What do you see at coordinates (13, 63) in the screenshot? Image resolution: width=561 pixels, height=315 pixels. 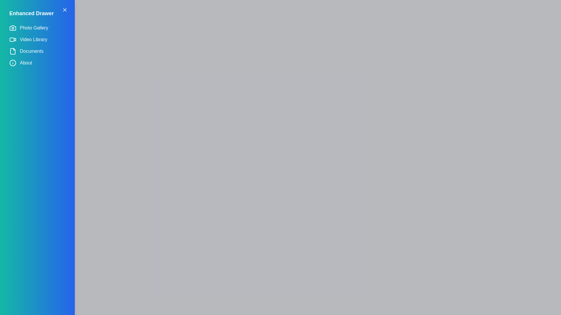 I see `the information icon, which is a circular icon with an 'i' symbol, located in the fourth row of the vertical navigation list next to the 'About' text` at bounding box center [13, 63].